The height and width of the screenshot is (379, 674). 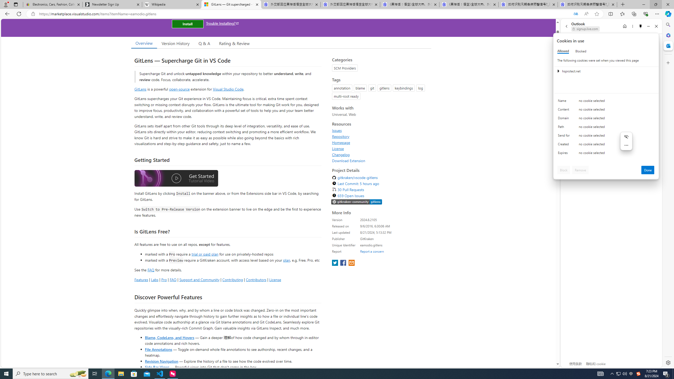 What do you see at coordinates (580, 170) in the screenshot?
I see `'Remove'` at bounding box center [580, 170].